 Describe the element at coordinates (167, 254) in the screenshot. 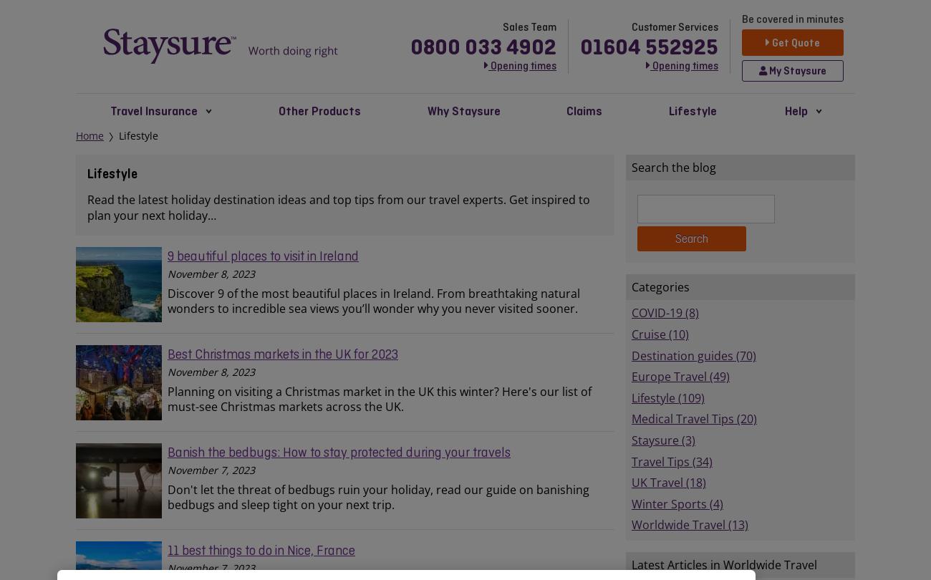

I see `'9 beautiful places to visit in Ireland'` at that location.